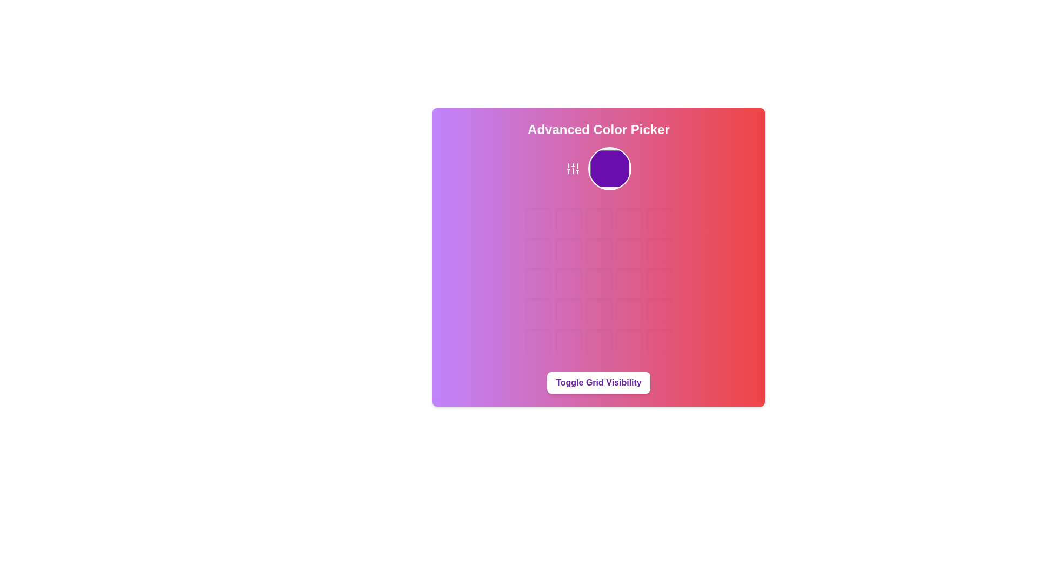  I want to click on the square-shaped button in the first column of the fourth row of the grid in the 'Advanced Color Picker' modal dialog, so click(538, 311).